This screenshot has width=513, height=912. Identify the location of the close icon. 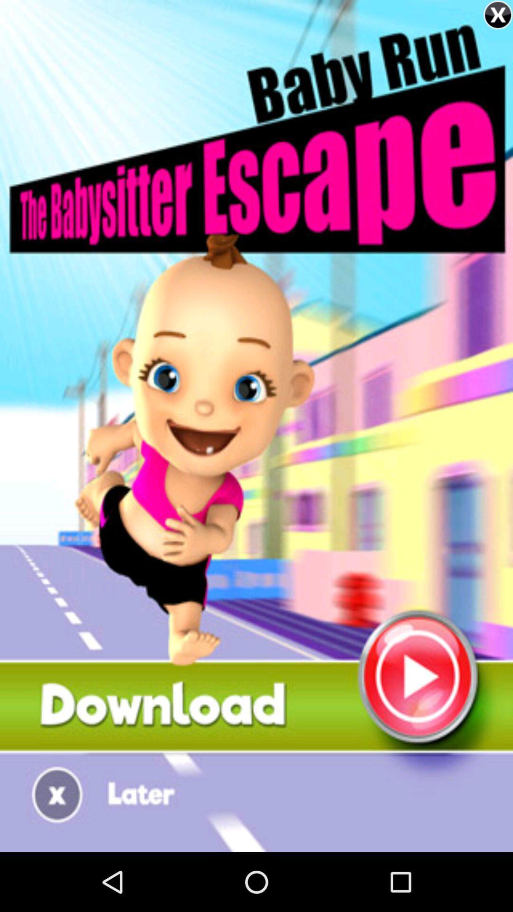
(497, 16).